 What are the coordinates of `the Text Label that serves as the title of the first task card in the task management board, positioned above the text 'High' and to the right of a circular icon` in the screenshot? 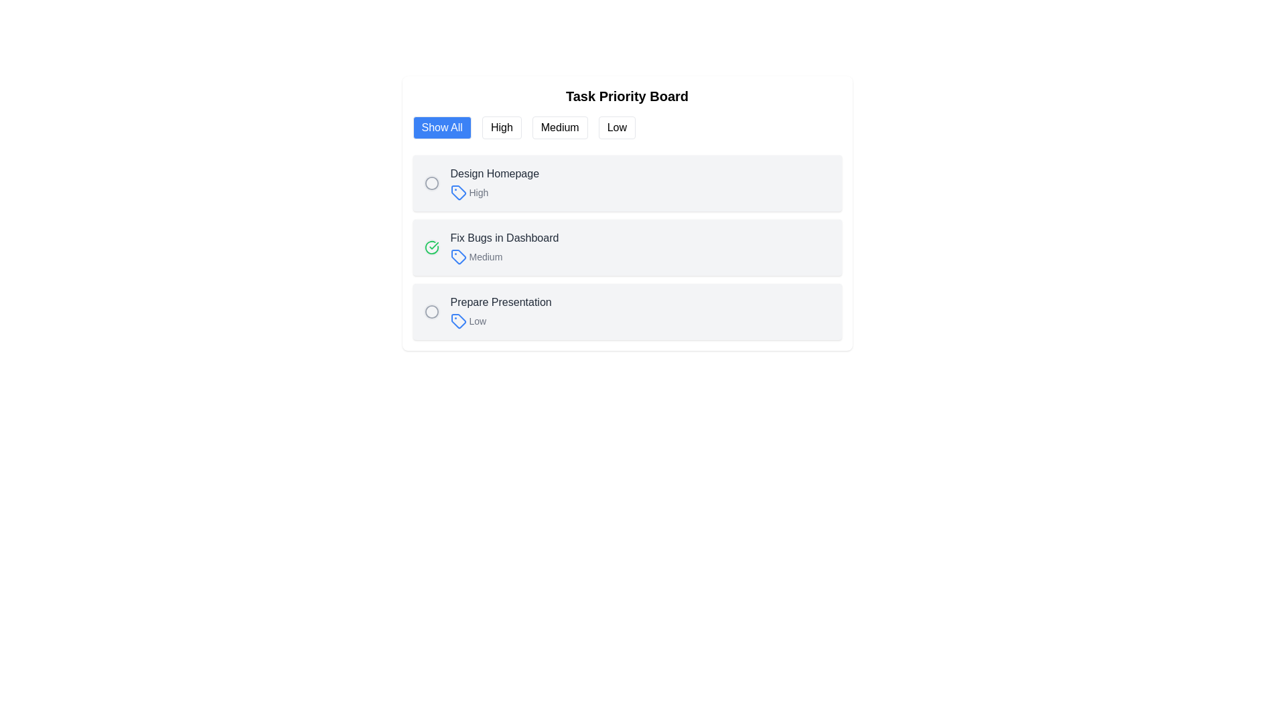 It's located at (494, 173).